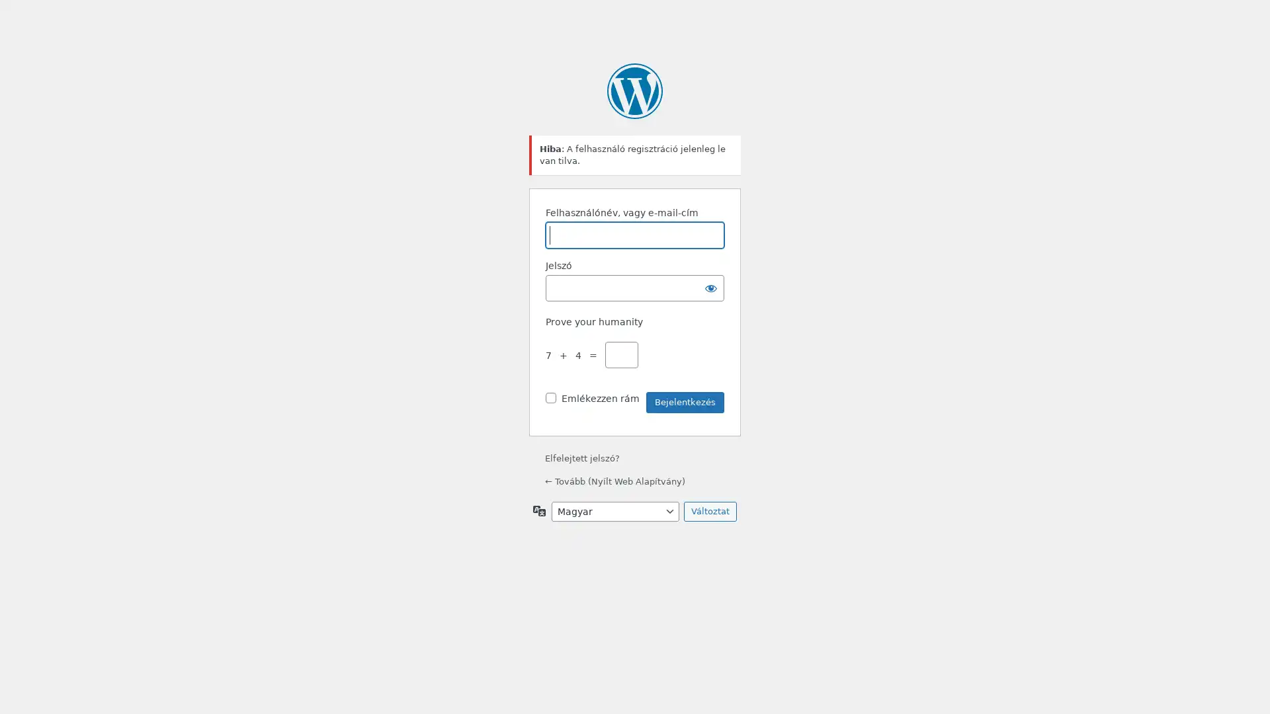 The width and height of the screenshot is (1270, 714). Describe the element at coordinates (710, 287) in the screenshot. I see `Jelszo mutatasa` at that location.